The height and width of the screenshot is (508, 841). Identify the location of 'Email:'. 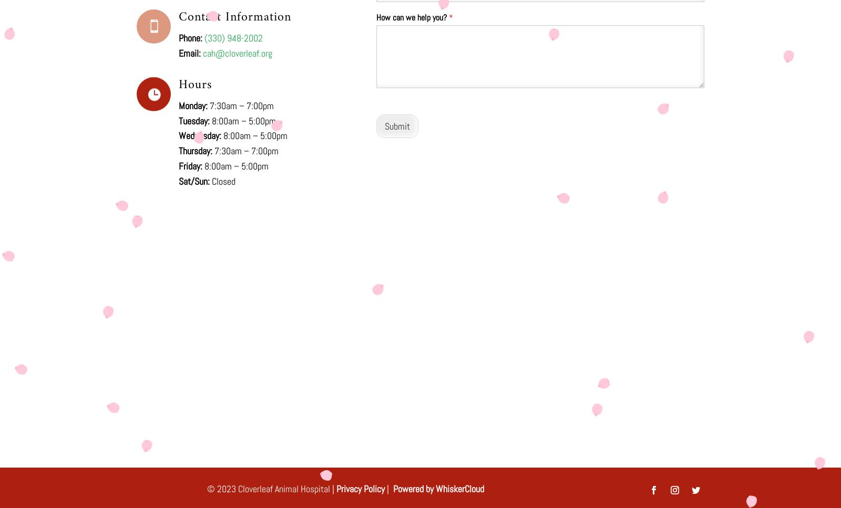
(189, 53).